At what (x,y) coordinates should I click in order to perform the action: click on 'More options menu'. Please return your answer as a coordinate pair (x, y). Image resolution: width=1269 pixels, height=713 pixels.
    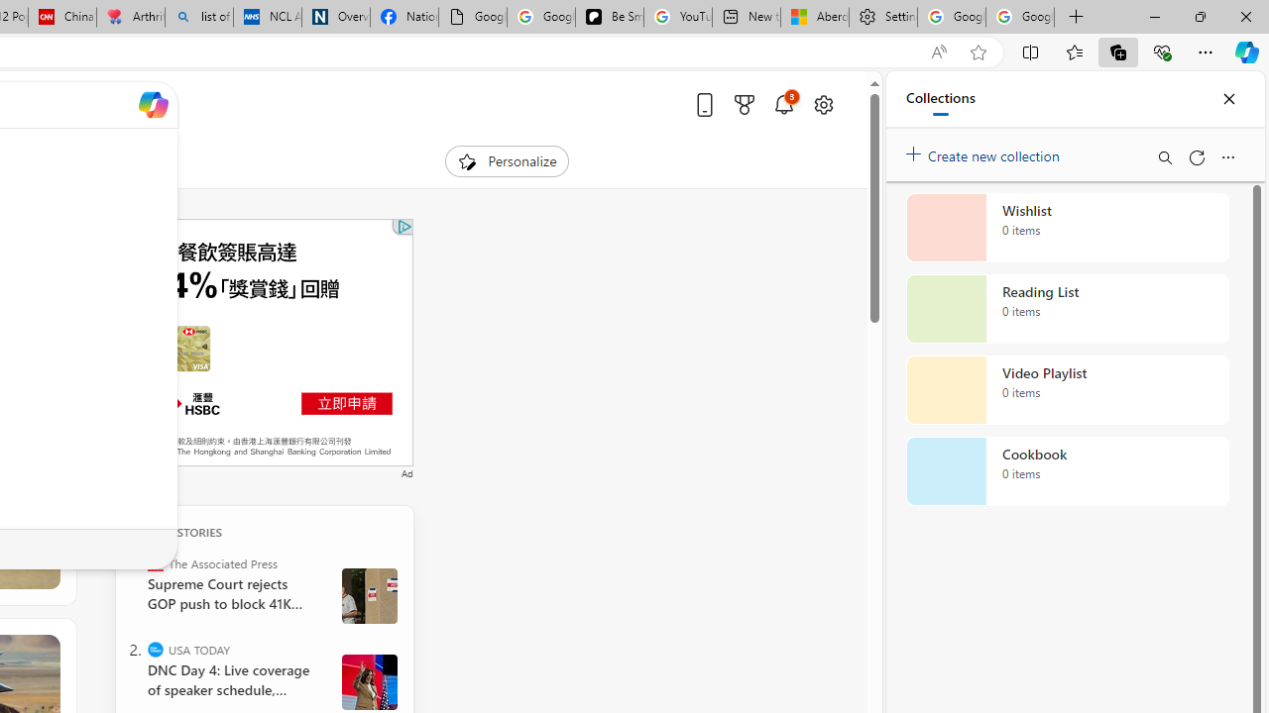
    Looking at the image, I should click on (1226, 156).